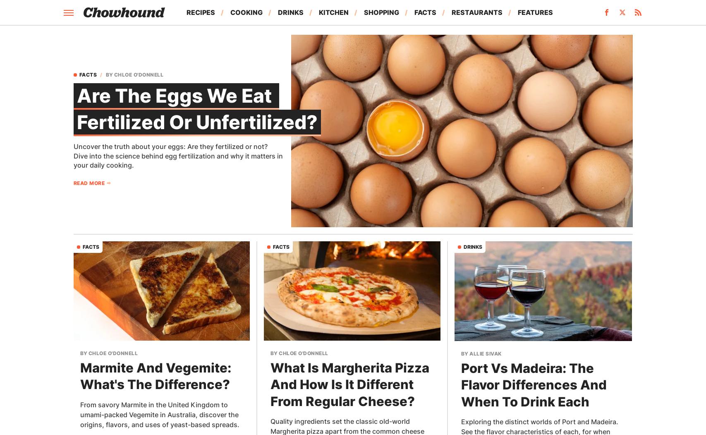  What do you see at coordinates (155, 376) in the screenshot?
I see `'Marmite And Vegemite: What's The Difference?'` at bounding box center [155, 376].